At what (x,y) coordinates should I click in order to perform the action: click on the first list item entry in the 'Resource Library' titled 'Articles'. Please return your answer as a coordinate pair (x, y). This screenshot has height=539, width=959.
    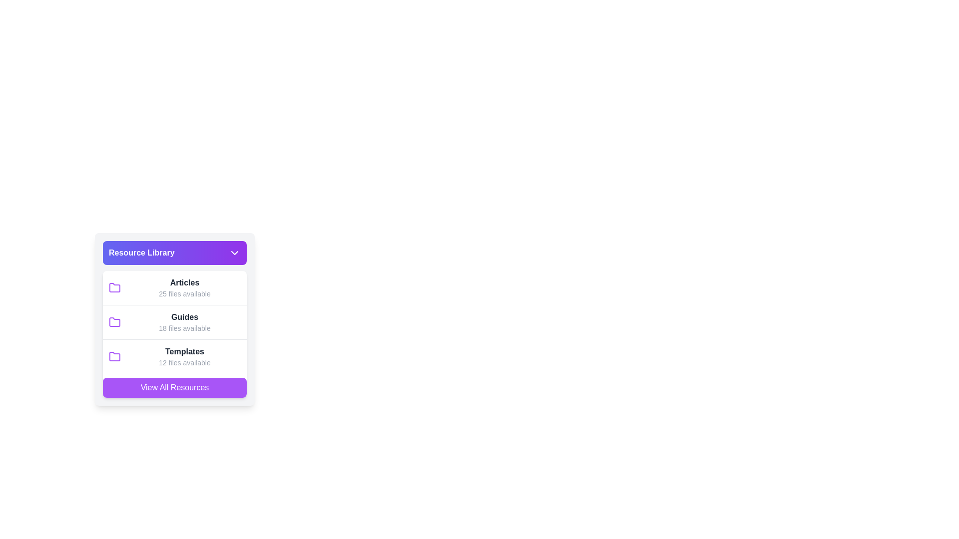
    Looking at the image, I should click on (175, 288).